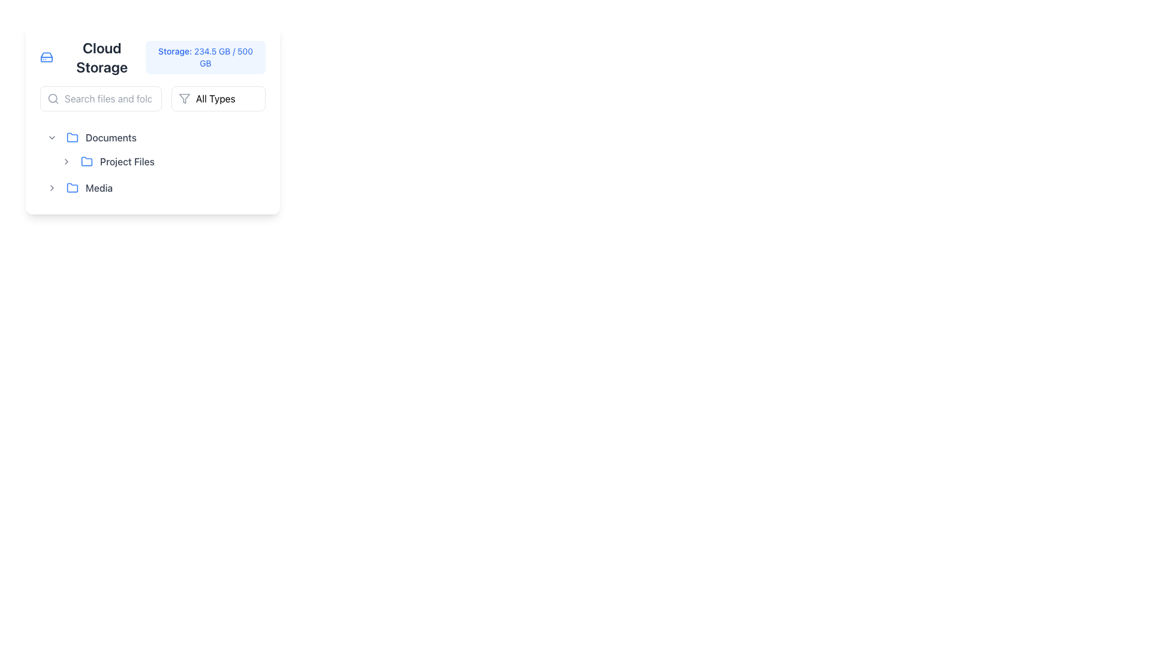 The width and height of the screenshot is (1151, 647). Describe the element at coordinates (71, 136) in the screenshot. I see `the blue outlined folder icon located next to the 'Documents' label in the 'Cloud Storage' section` at that location.